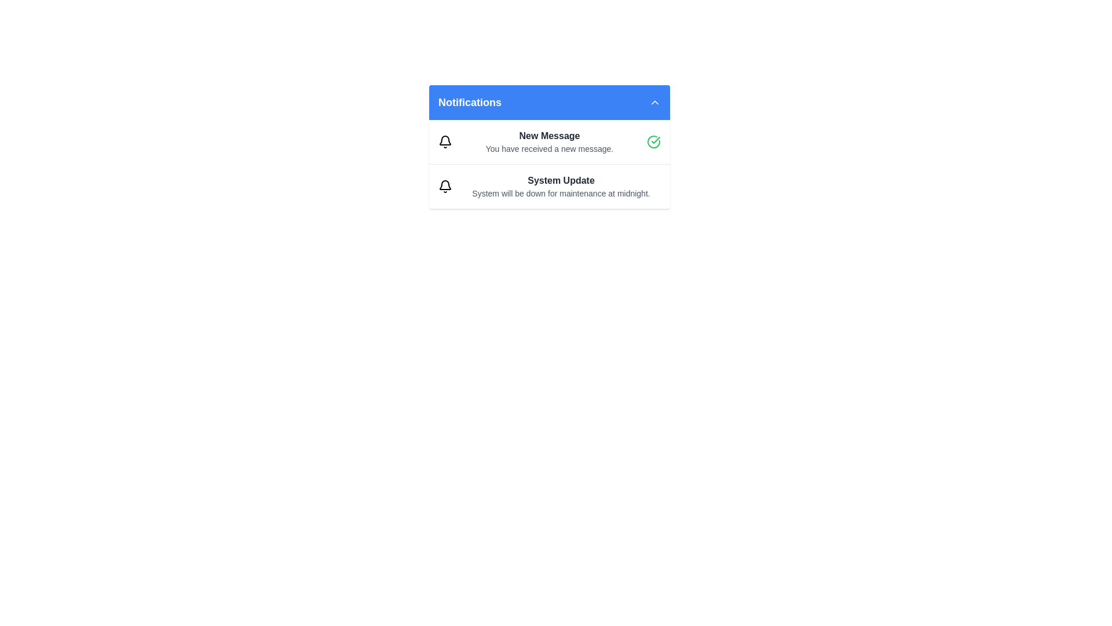  What do you see at coordinates (561, 193) in the screenshot?
I see `informational text that states 'System will be down for maintenance at midnight.' This text is styled in a smaller gray font and is located beneath the bold title 'System Update' in the notifications panel` at bounding box center [561, 193].